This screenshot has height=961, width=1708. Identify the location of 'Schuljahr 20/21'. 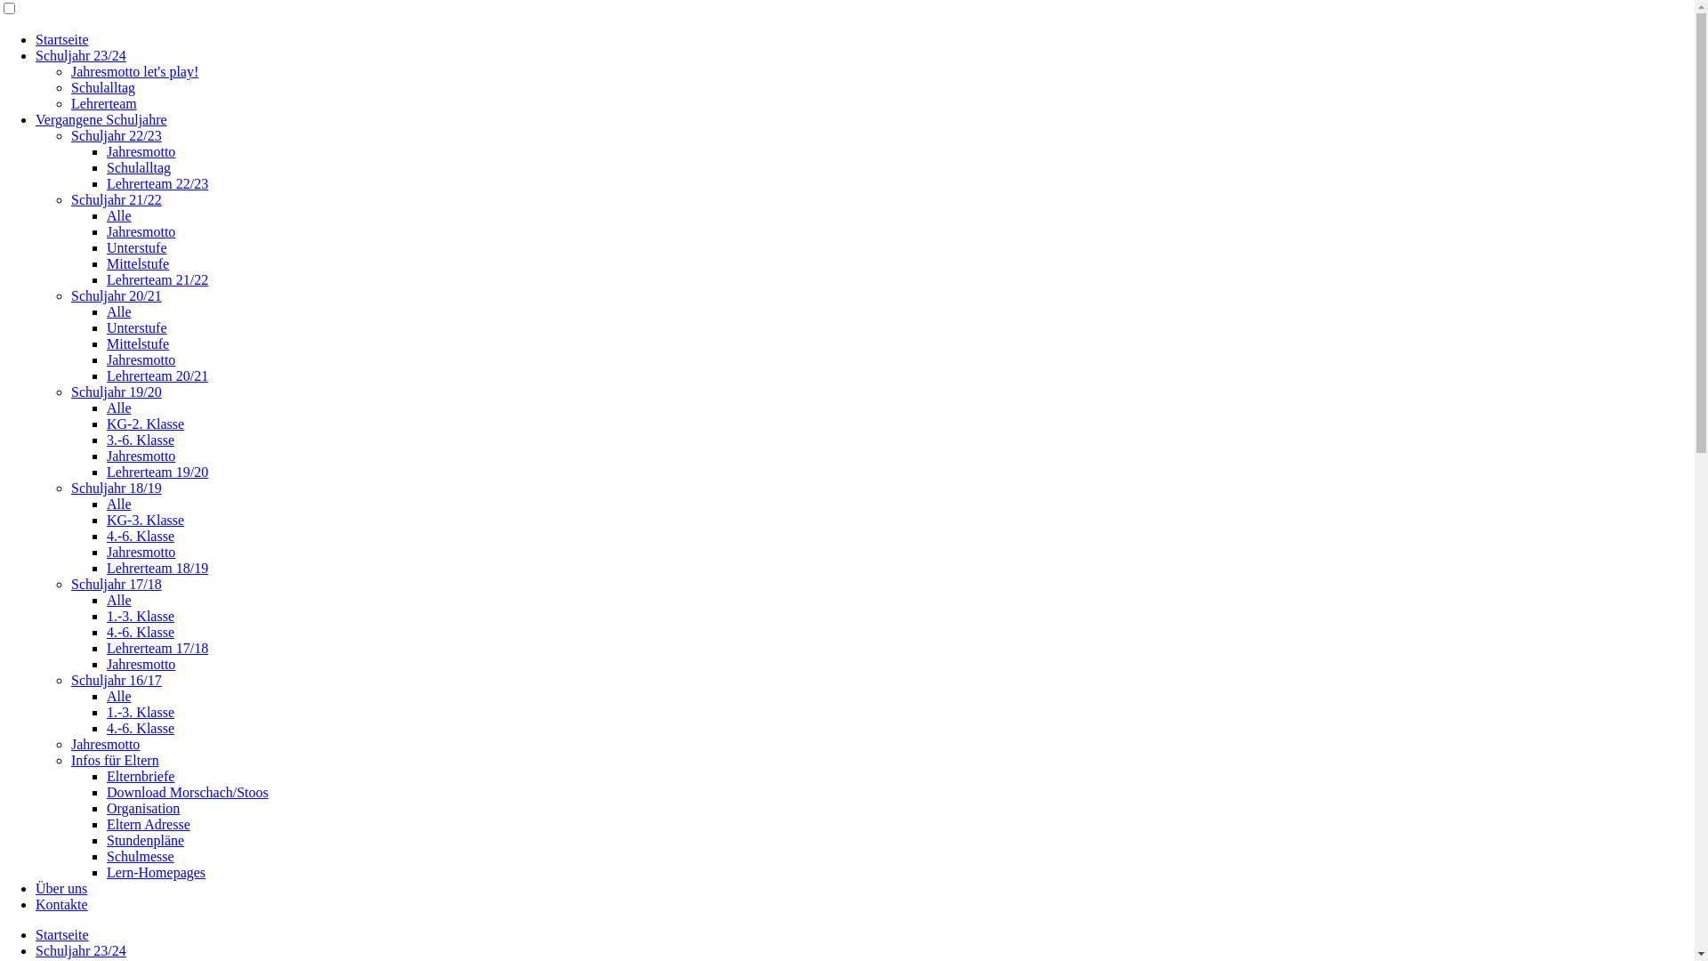
(115, 295).